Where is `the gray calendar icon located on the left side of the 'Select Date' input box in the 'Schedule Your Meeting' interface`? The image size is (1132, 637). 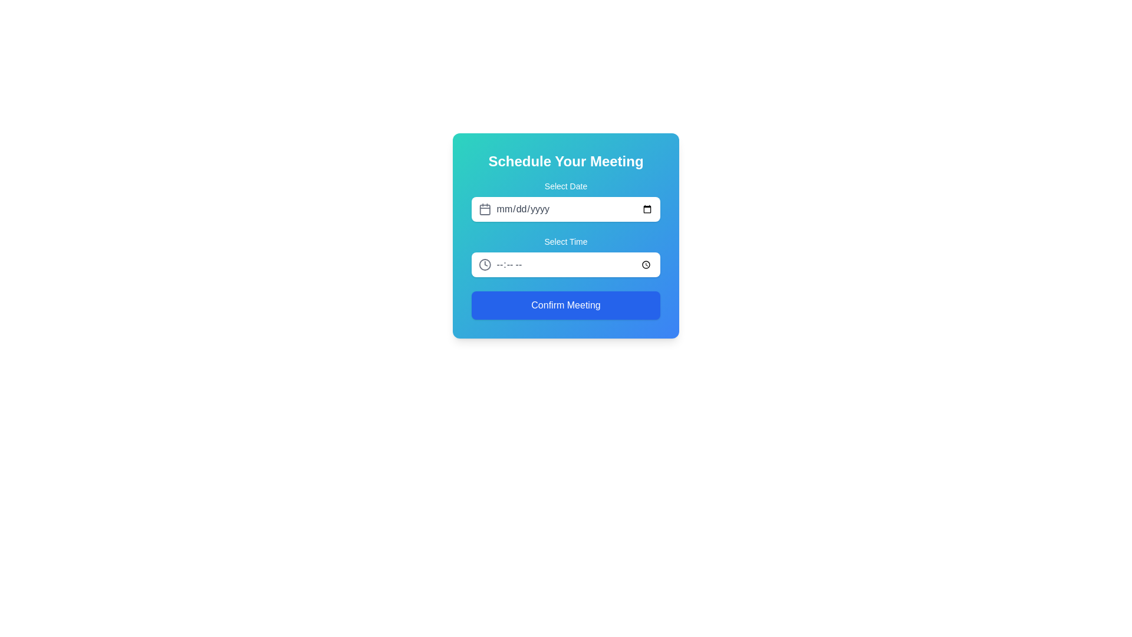
the gray calendar icon located on the left side of the 'Select Date' input box in the 'Schedule Your Meeting' interface is located at coordinates (485, 208).